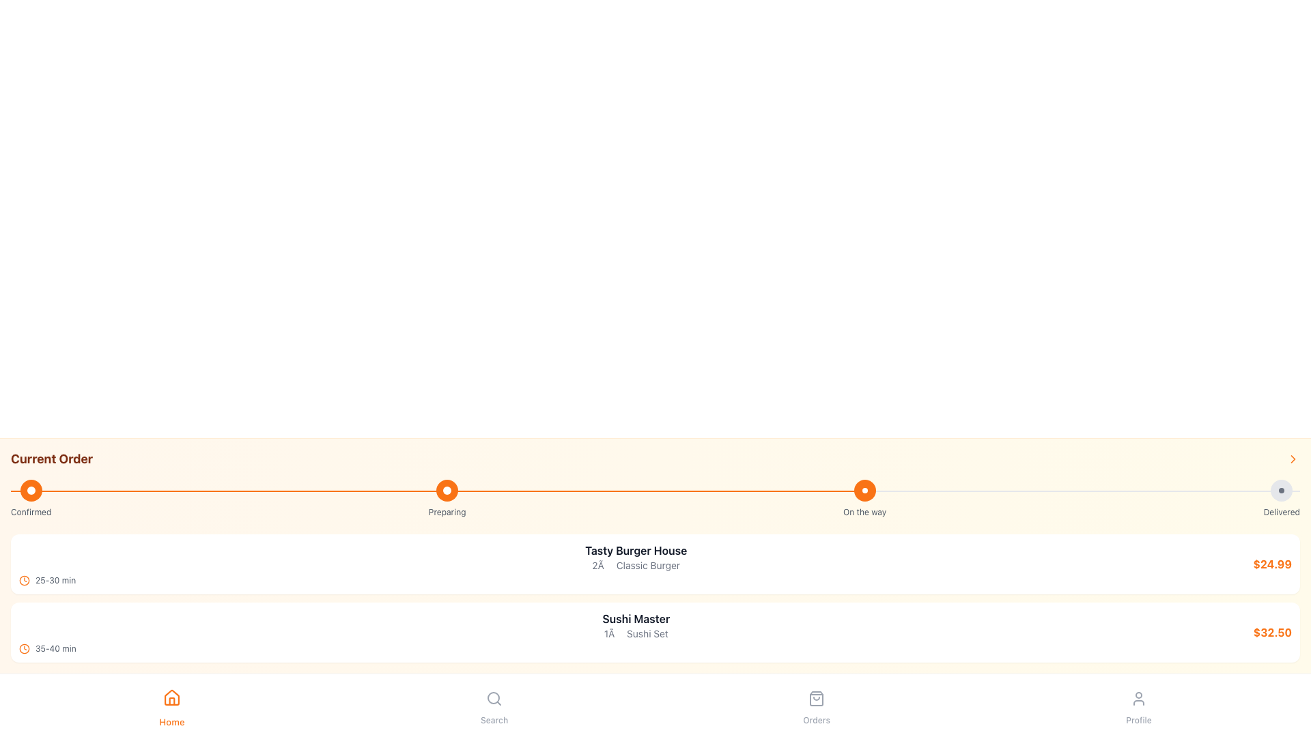  I want to click on text label displaying '25-30 min' which provides the estimated delivery time, located next to a small clock icon, so click(55, 581).